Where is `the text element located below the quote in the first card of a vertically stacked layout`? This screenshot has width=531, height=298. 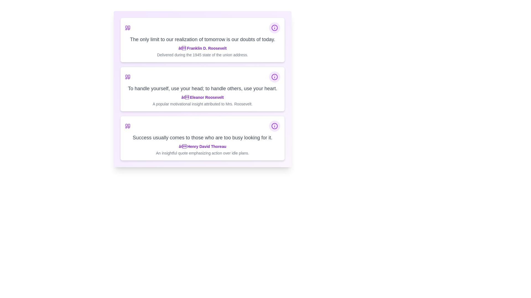 the text element located below the quote in the first card of a vertically stacked layout is located at coordinates (202, 51).